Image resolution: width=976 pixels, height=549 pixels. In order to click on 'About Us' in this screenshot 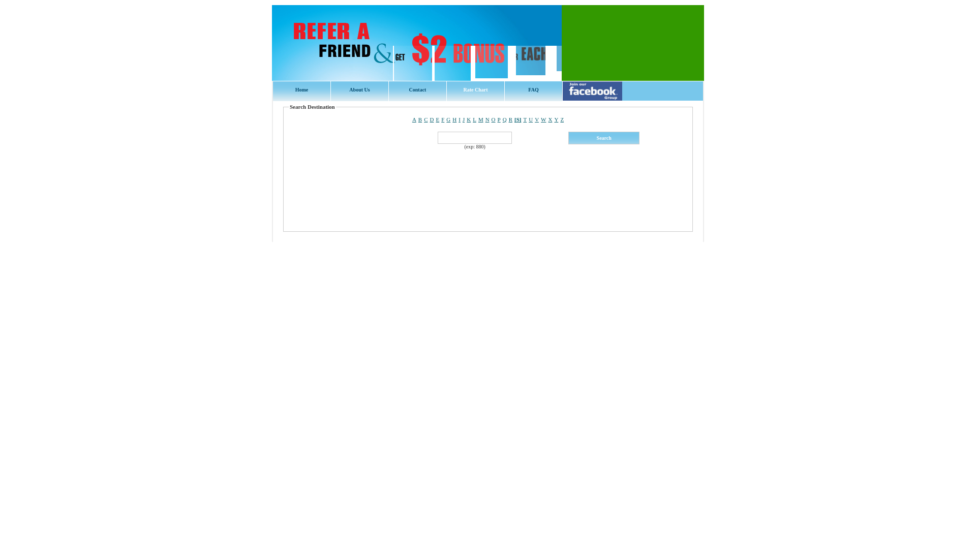, I will do `click(360, 90)`.